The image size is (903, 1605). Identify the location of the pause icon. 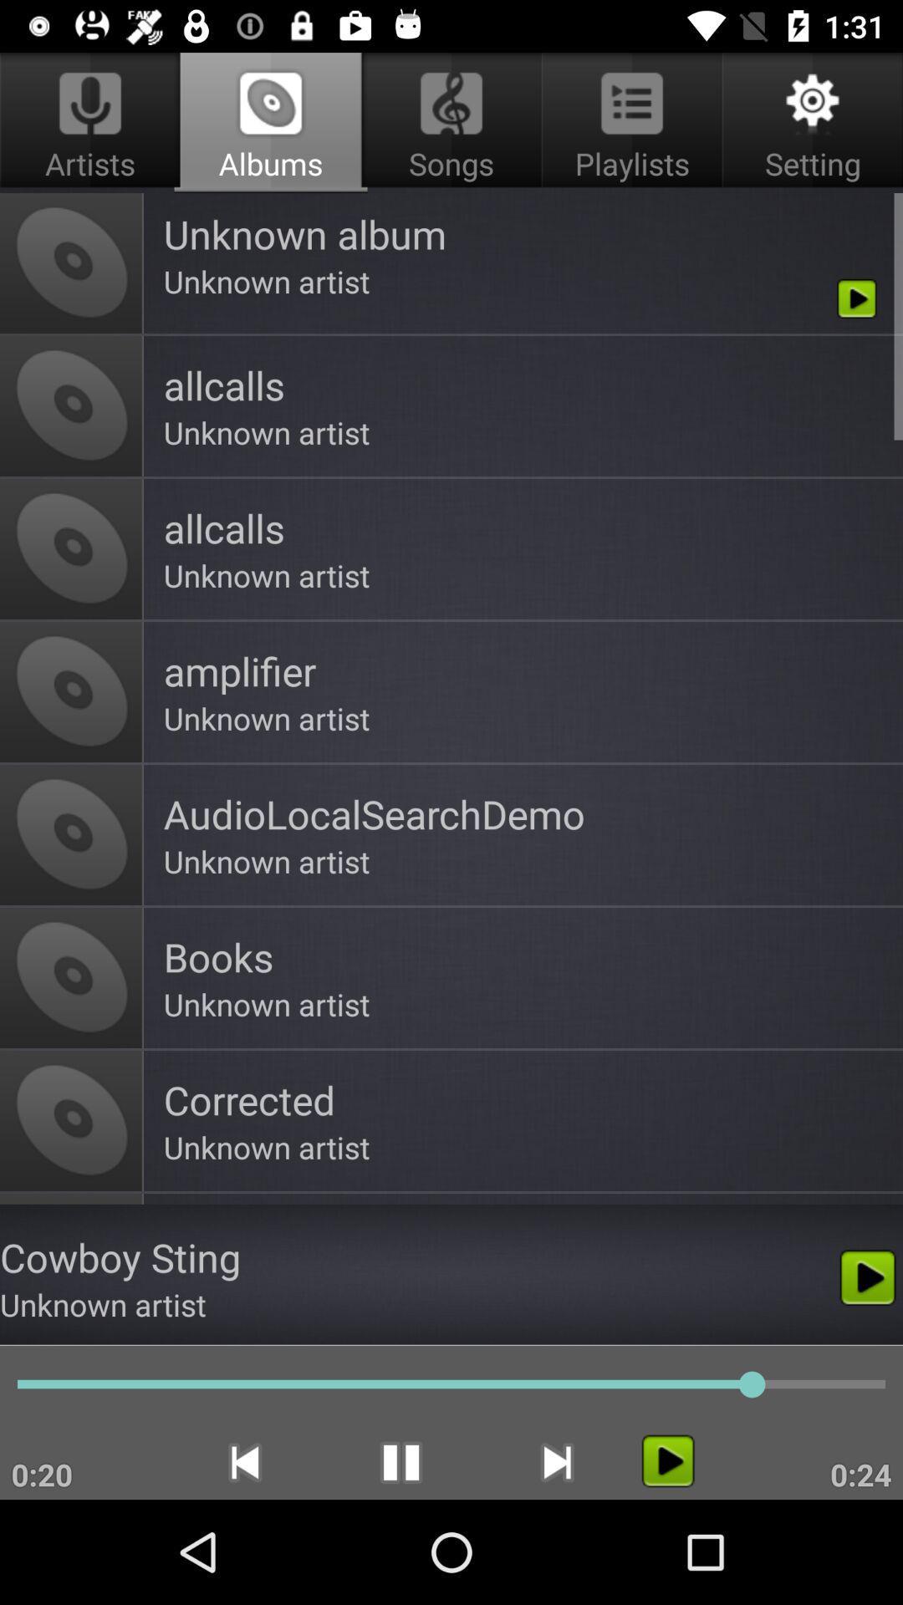
(400, 1461).